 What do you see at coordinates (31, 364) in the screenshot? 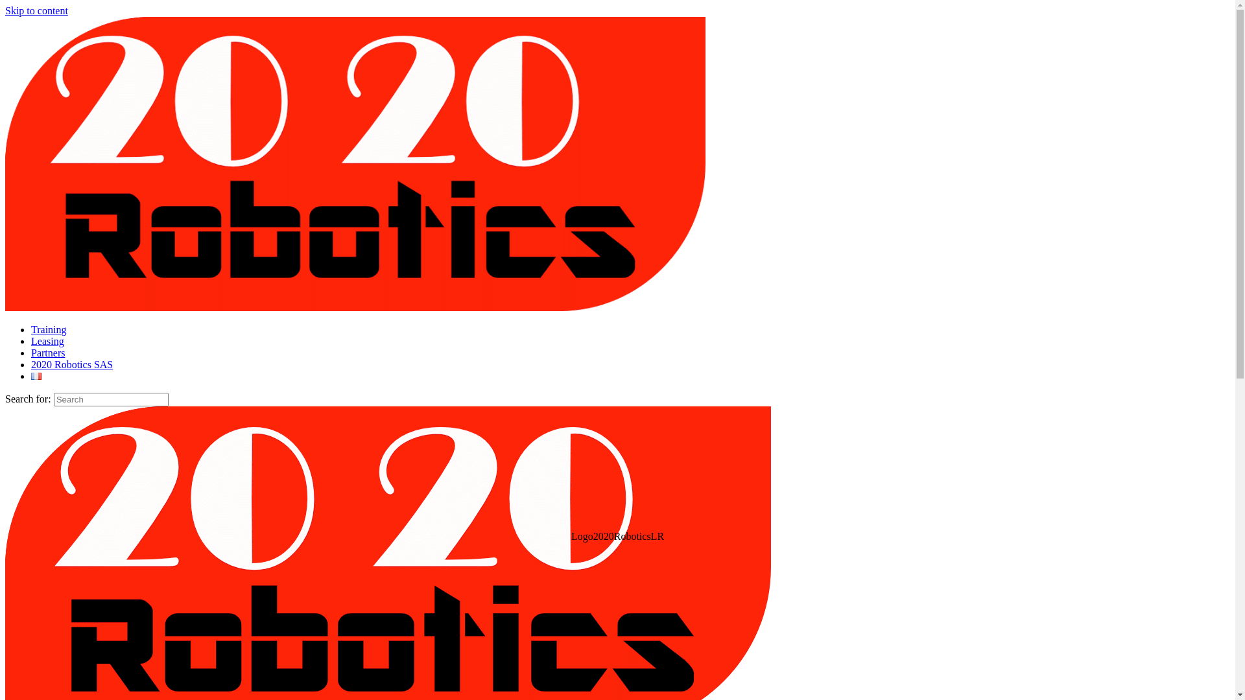
I see `'2020 Robotics SAS'` at bounding box center [31, 364].